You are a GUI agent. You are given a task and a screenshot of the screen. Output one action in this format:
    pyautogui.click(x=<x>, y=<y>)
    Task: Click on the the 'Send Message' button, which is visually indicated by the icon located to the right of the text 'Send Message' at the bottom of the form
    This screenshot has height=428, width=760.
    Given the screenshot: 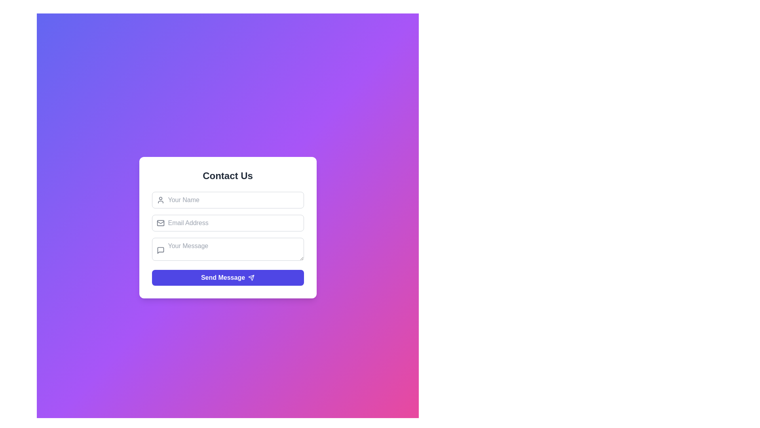 What is the action you would take?
    pyautogui.click(x=251, y=277)
    